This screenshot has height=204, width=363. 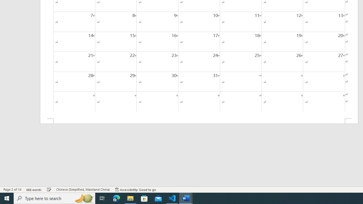 I want to click on 'Search highlights icon opens search home window', so click(x=83, y=198).